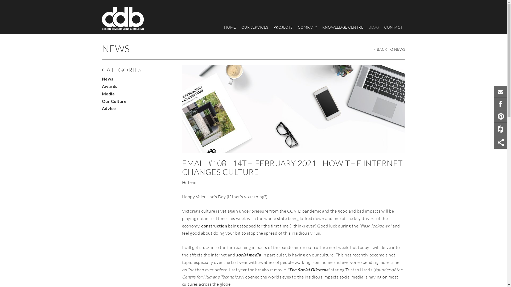 The height and width of the screenshot is (287, 511). I want to click on 'Awards', so click(102, 86).